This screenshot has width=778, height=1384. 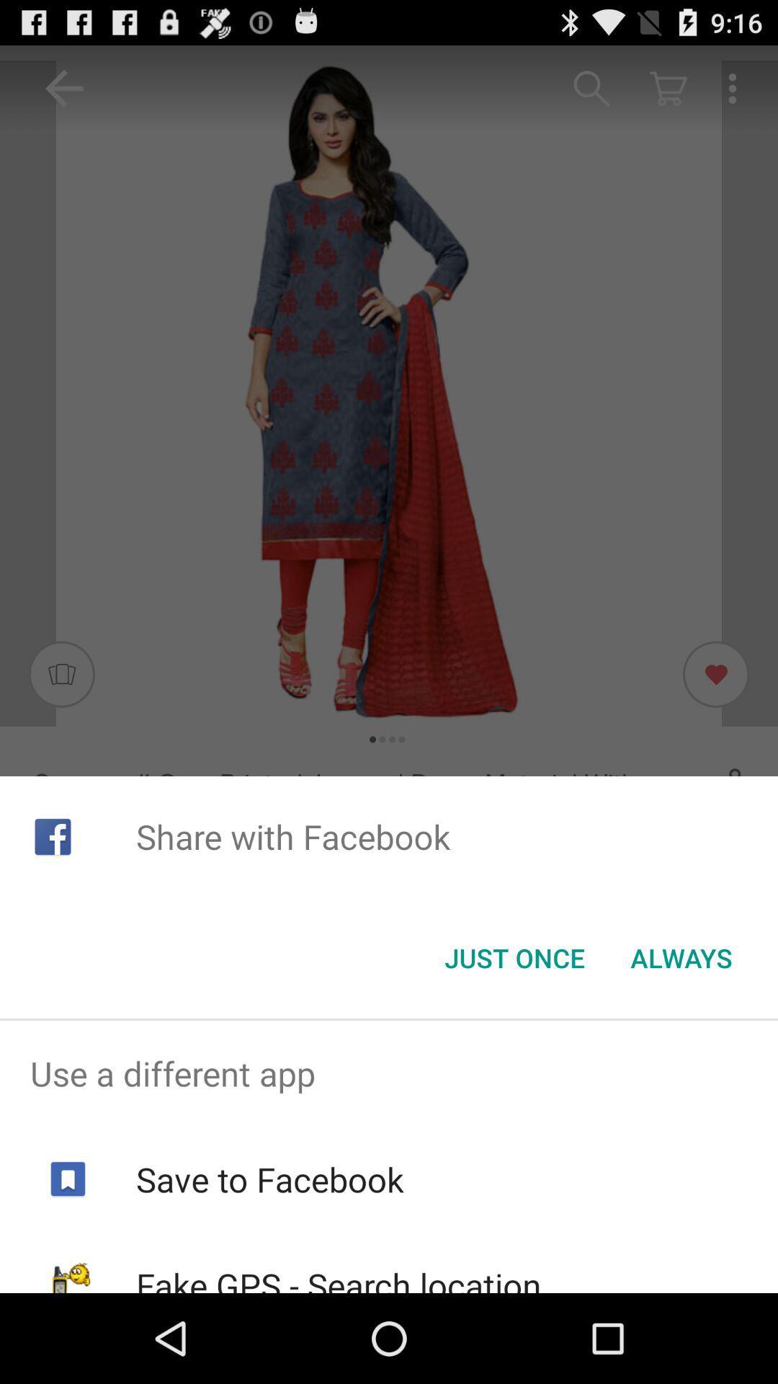 I want to click on the save to facebook icon, so click(x=269, y=1179).